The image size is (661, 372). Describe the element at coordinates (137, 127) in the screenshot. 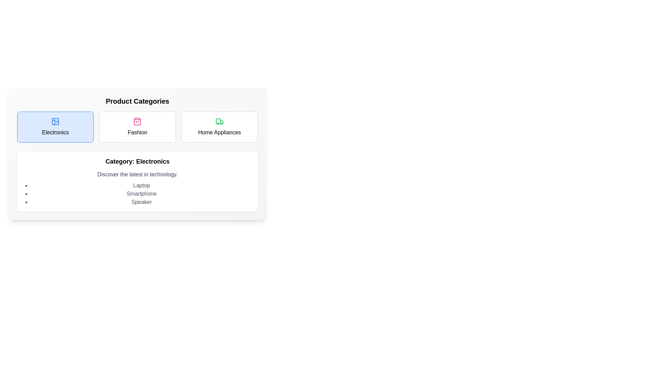

I see `the grid item in the navigation menu positioned centrally below the 'Product Categories' heading` at that location.